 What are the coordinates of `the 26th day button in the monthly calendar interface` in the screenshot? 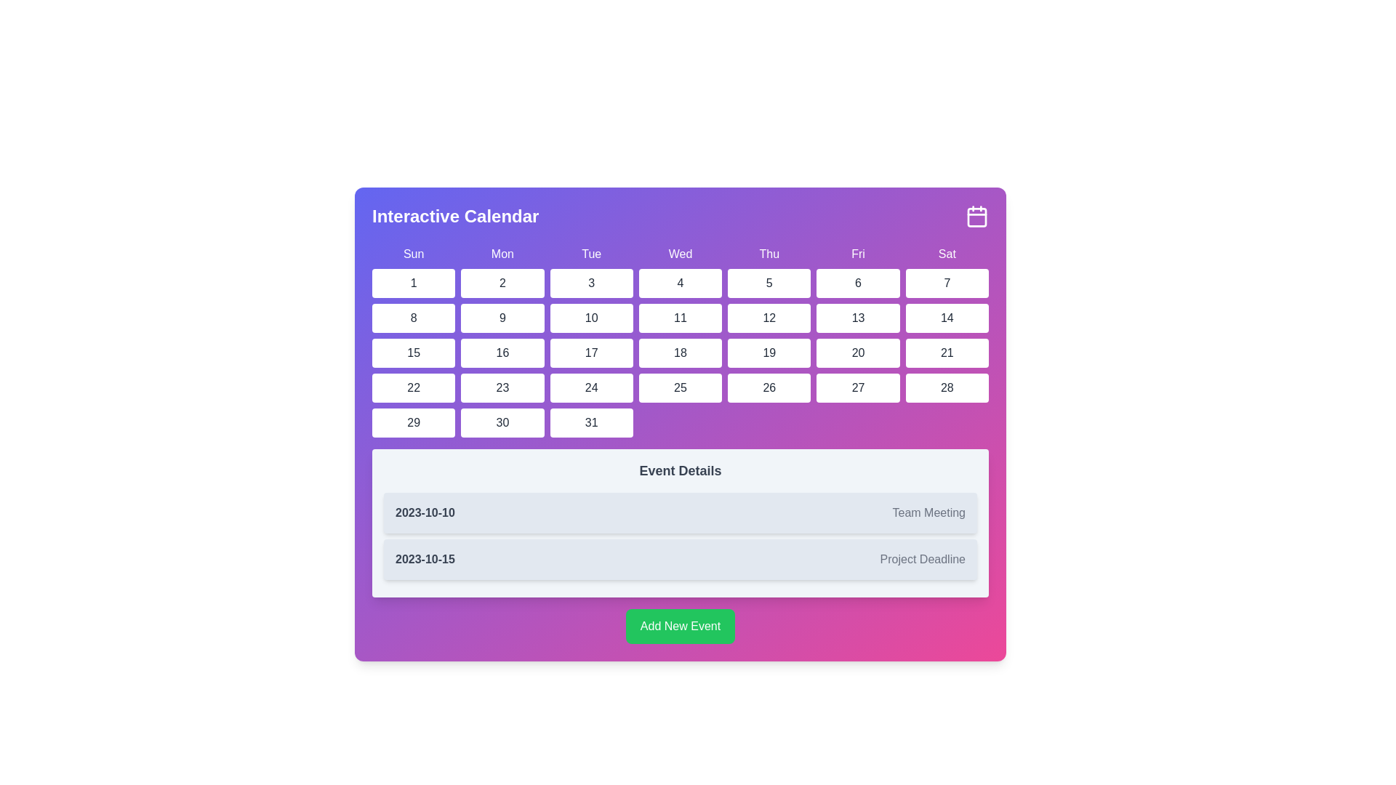 It's located at (769, 387).